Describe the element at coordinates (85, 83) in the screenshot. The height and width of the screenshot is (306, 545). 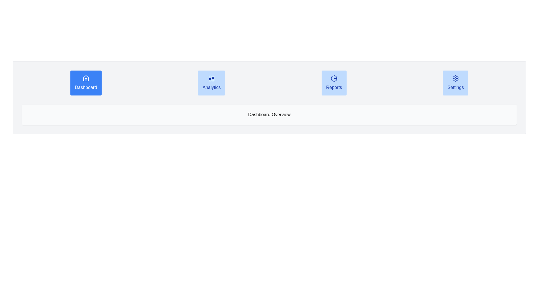
I see `the blue 'Dashboard' button with a house icon` at that location.